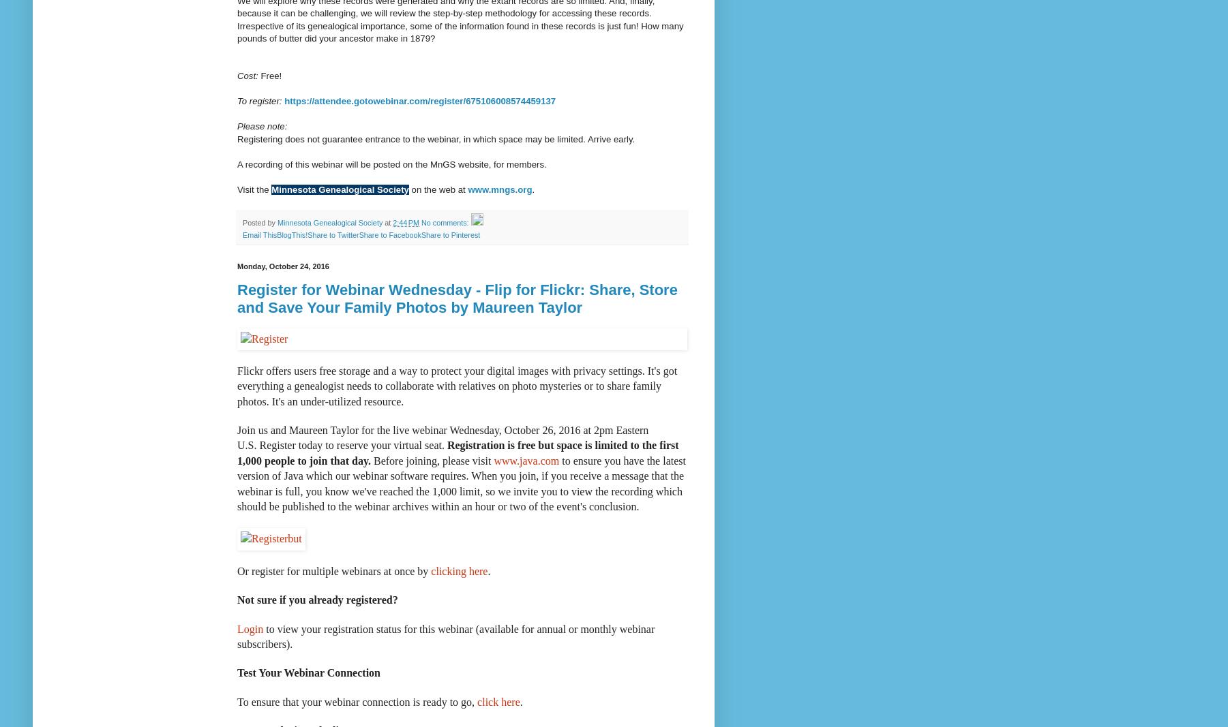 The height and width of the screenshot is (727, 1228). I want to click on 'Login', so click(250, 628).